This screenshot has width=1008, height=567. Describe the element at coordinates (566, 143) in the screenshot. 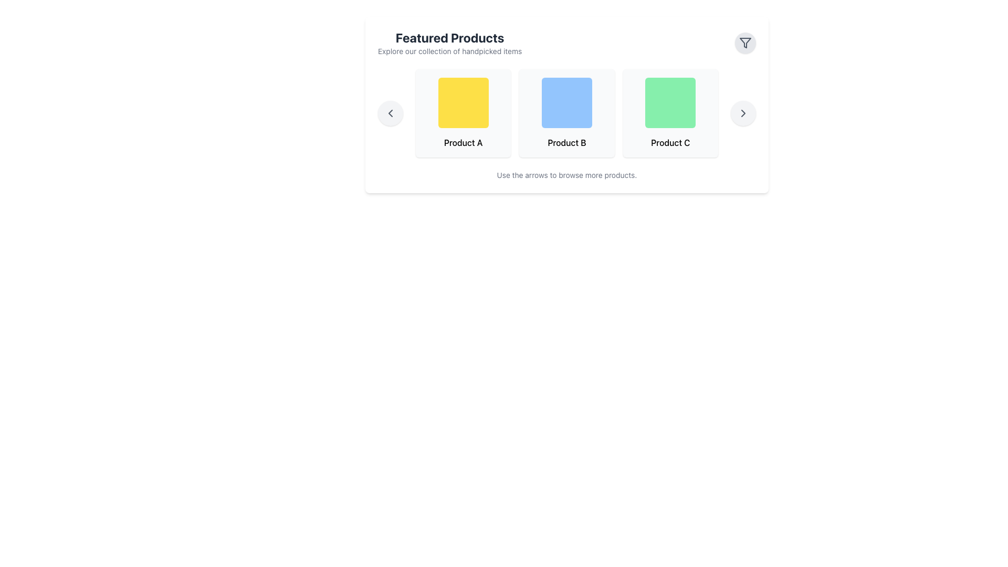

I see `text label 'Product B' located at the bottom center of the second card in a horizontal arrangement, which is positioned under a blue square box` at that location.